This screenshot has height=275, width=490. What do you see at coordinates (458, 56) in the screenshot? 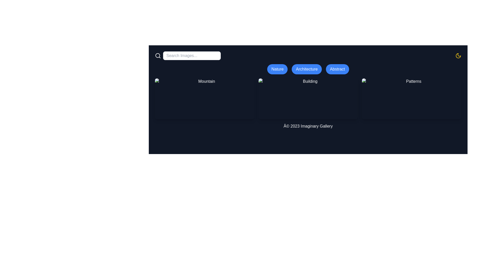
I see `the crescent moon icon located at the top-right corner of the interface for a focused interaction` at bounding box center [458, 56].